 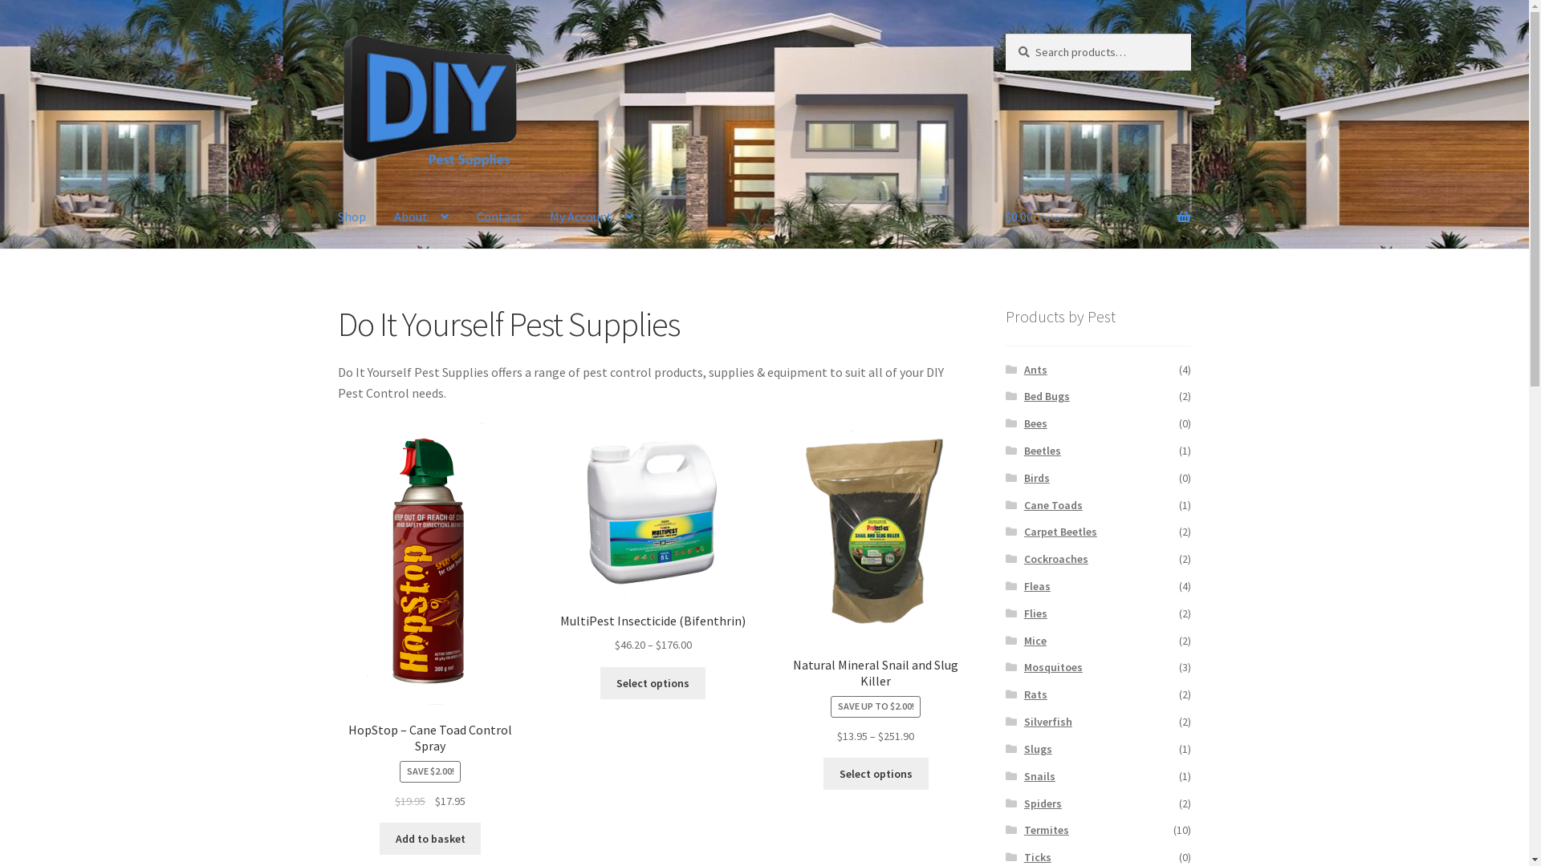 What do you see at coordinates (421, 216) in the screenshot?
I see `'About'` at bounding box center [421, 216].